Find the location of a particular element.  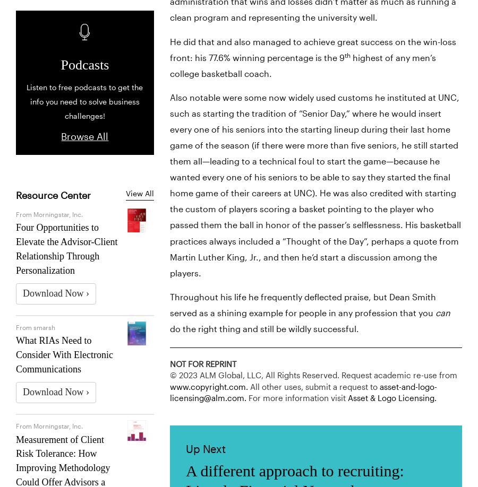

'can' is located at coordinates (442, 312).